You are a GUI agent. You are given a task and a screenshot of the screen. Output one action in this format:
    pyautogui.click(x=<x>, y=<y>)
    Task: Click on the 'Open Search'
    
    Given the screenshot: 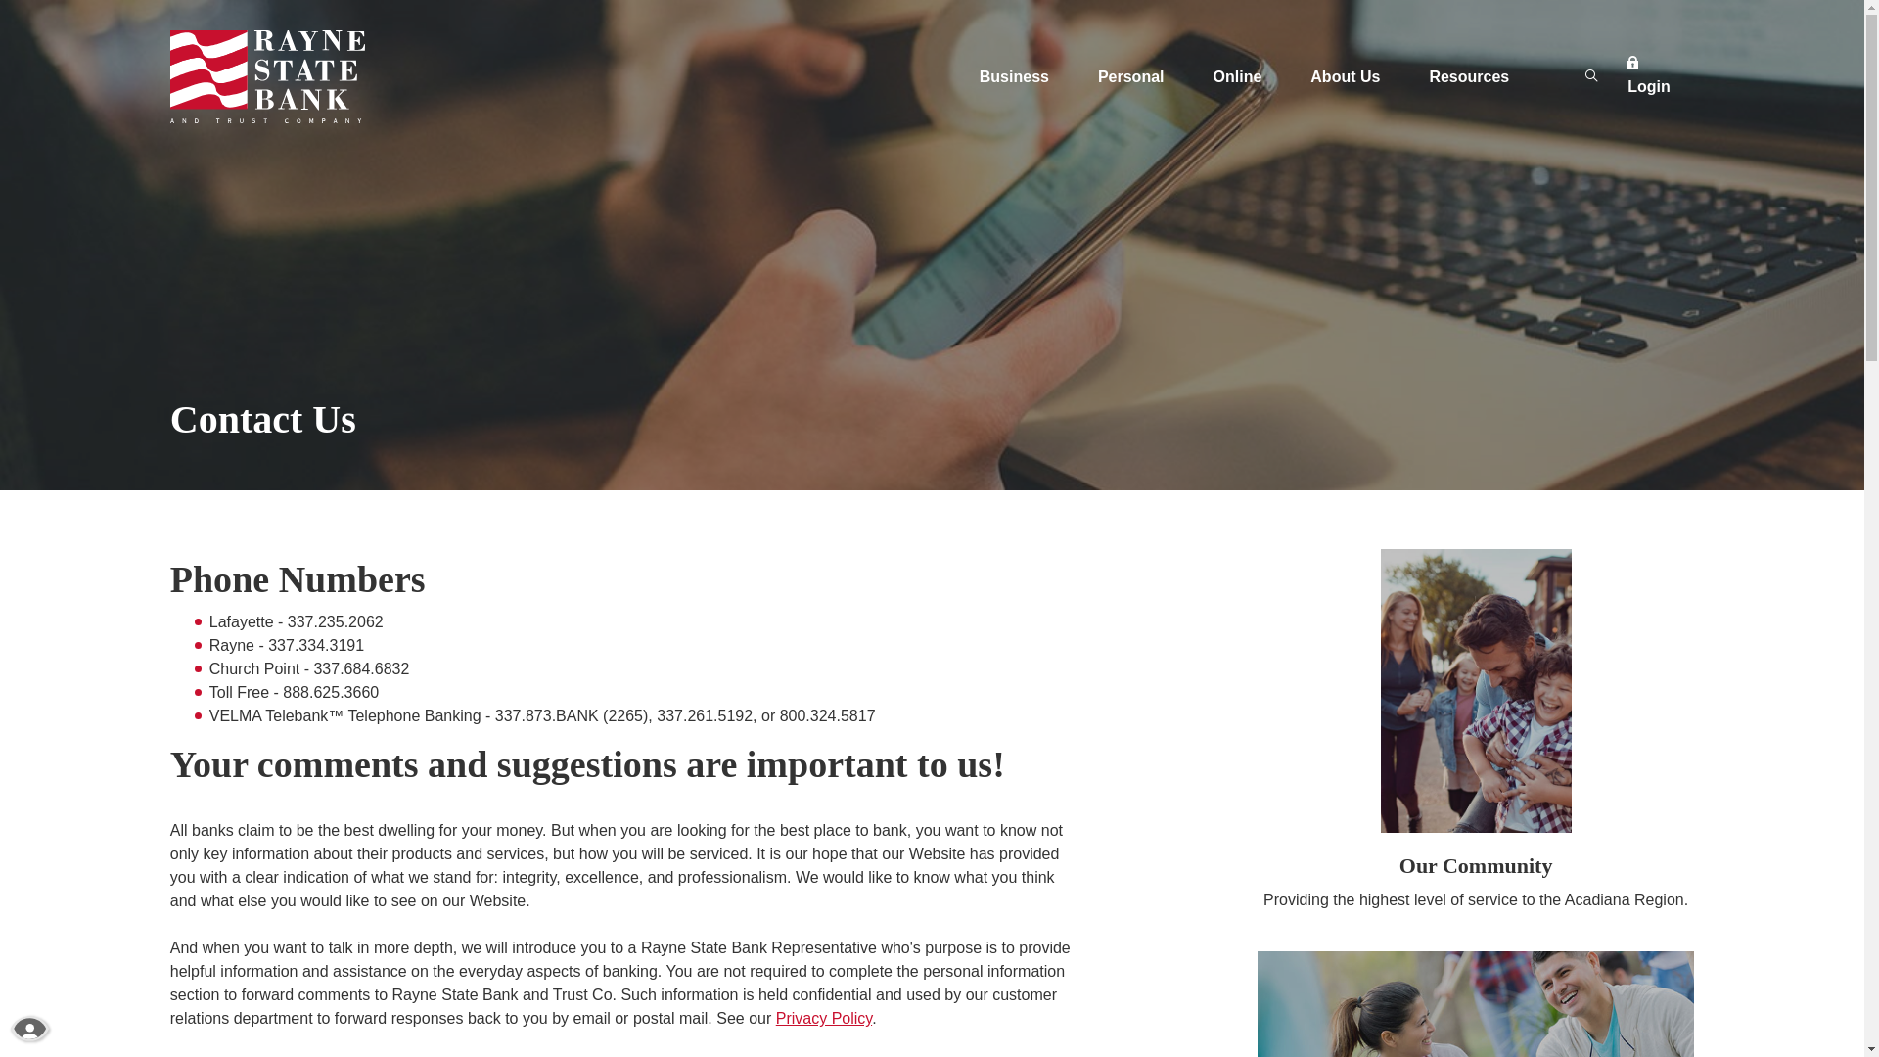 What is the action you would take?
    pyautogui.click(x=1591, y=75)
    